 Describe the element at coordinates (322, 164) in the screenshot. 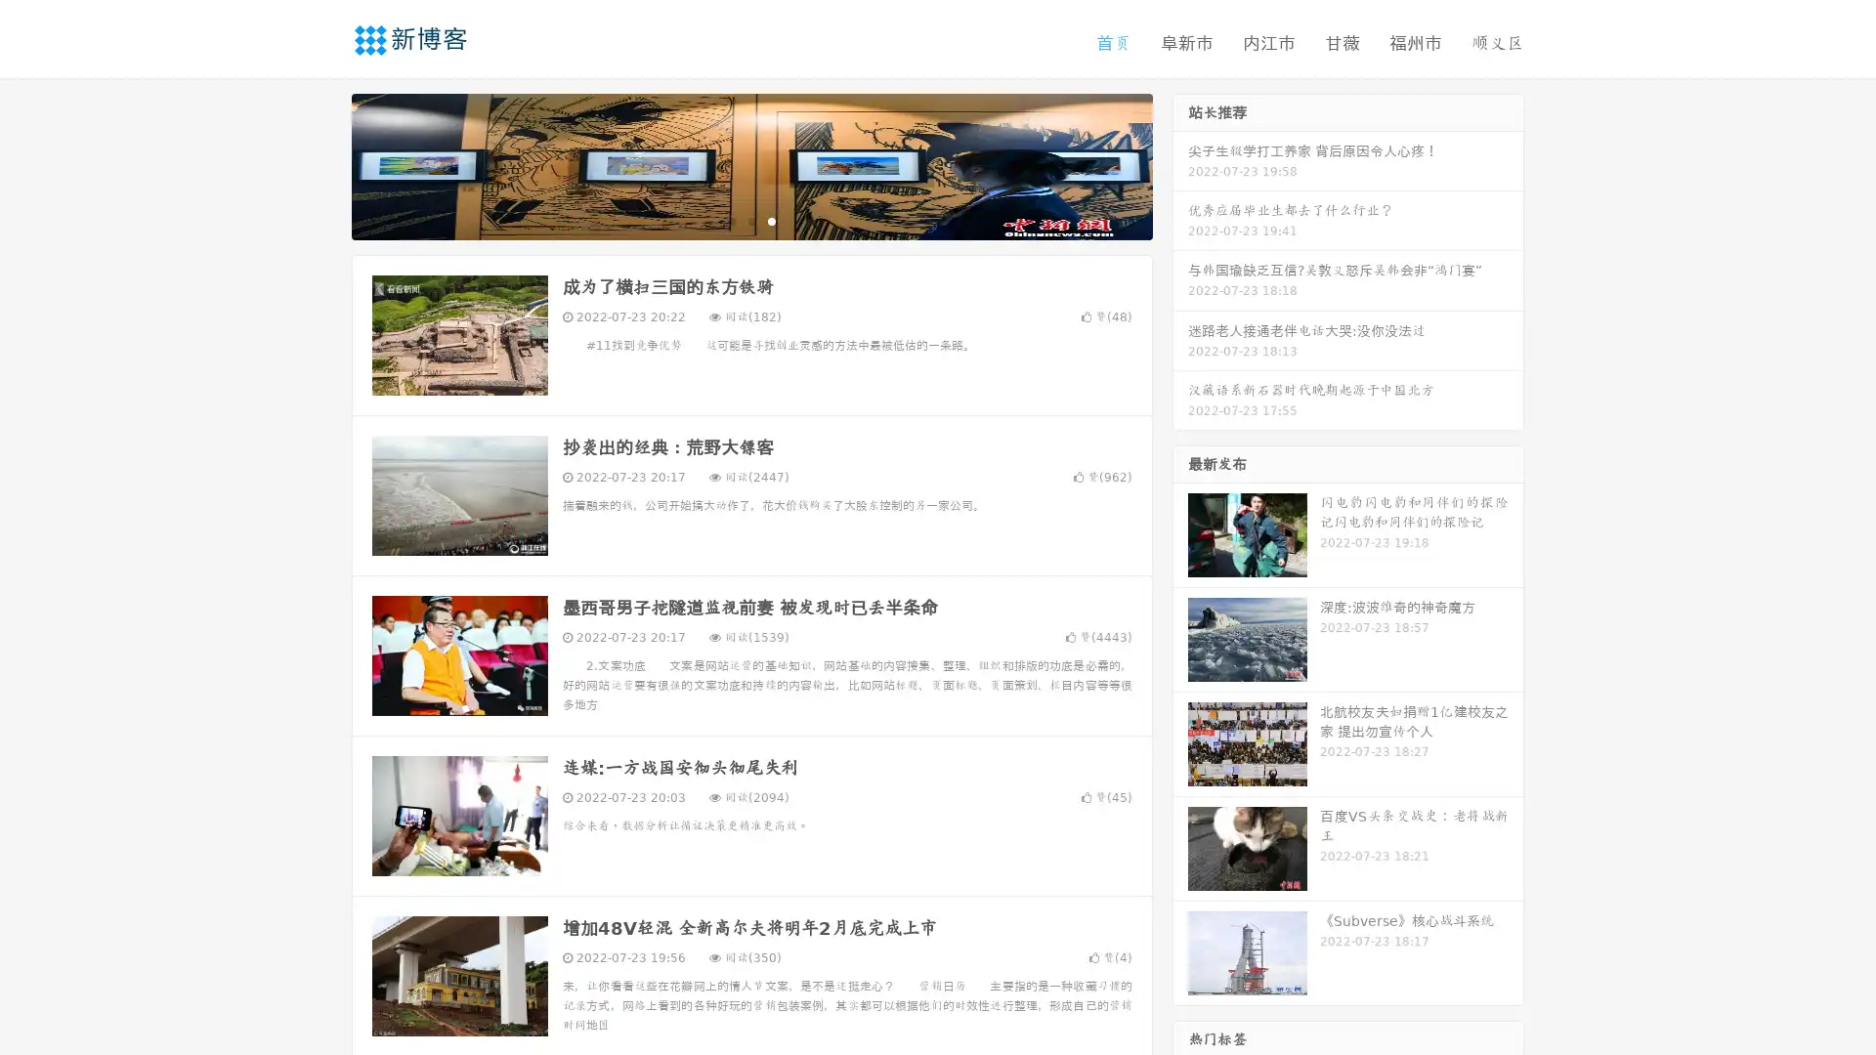

I see `Previous slide` at that location.